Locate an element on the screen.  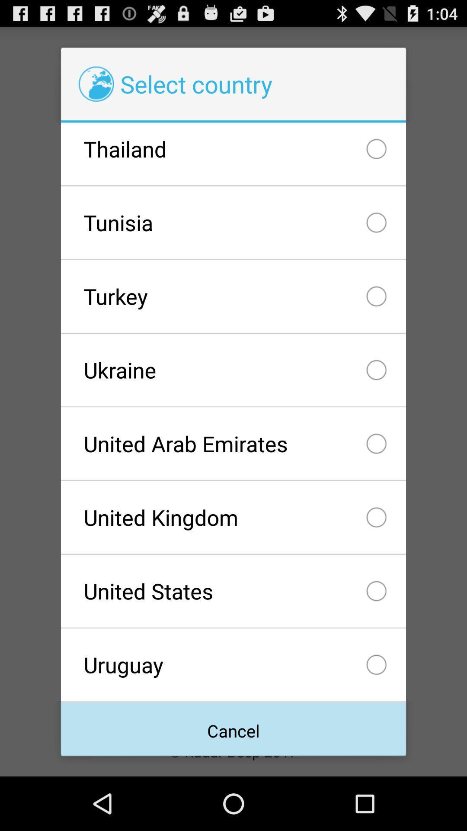
the checkbox above uruguay icon is located at coordinates (233, 590).